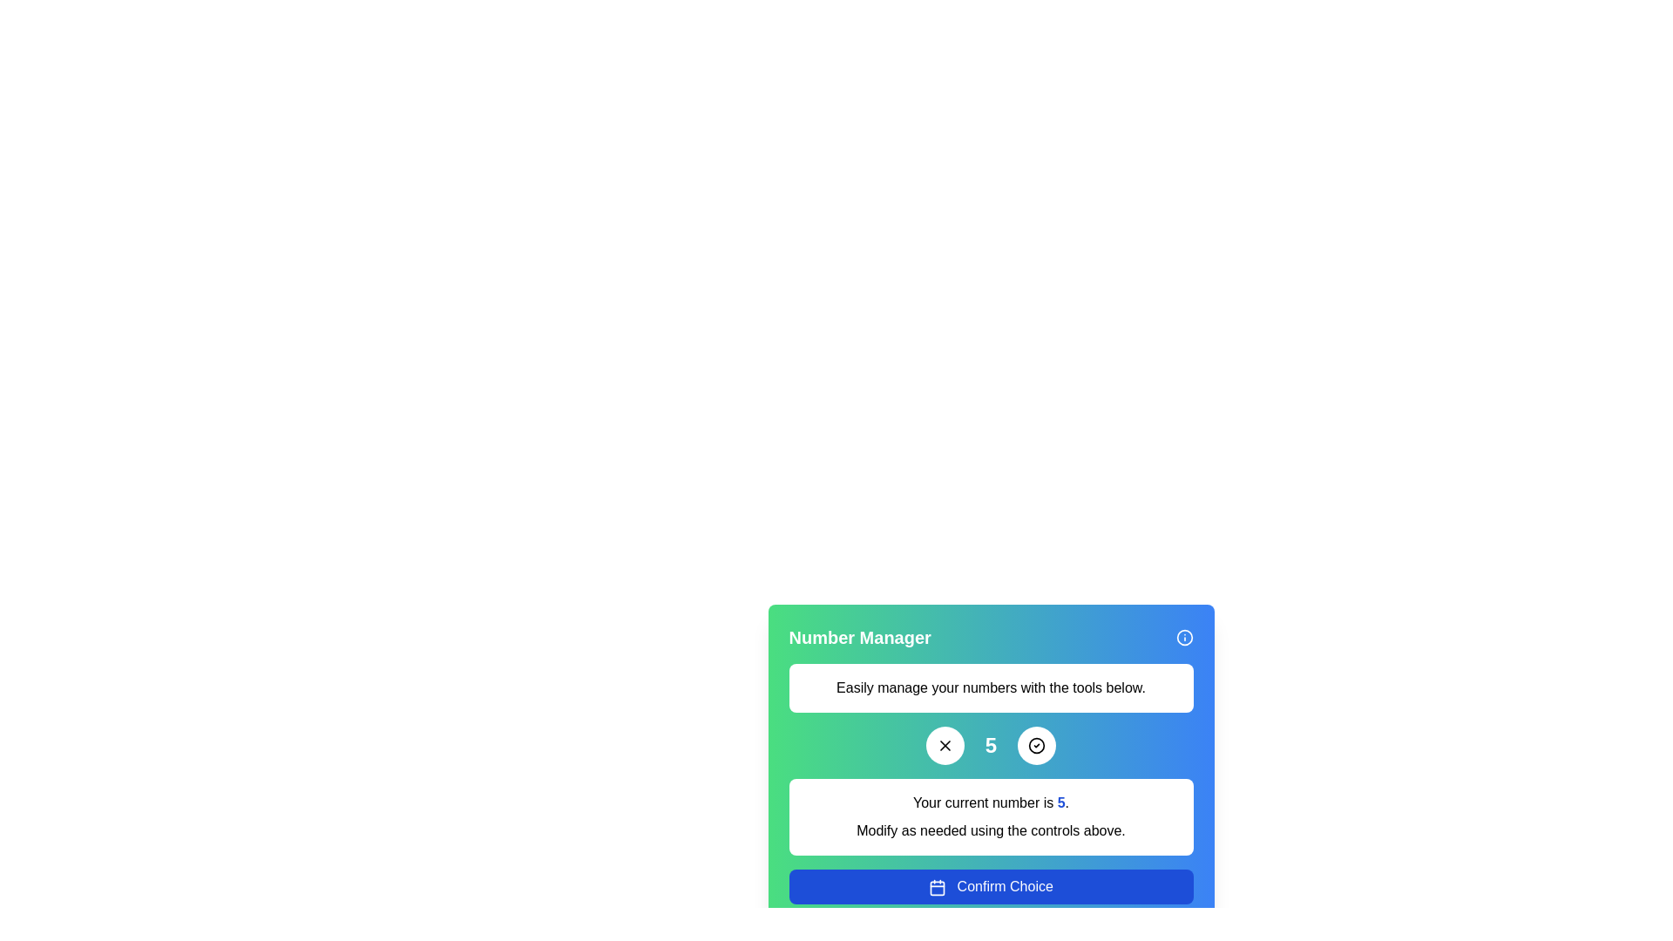 This screenshot has height=941, width=1673. What do you see at coordinates (944, 745) in the screenshot?
I see `the decrement button located to the left of the number '5' in the number manager interface` at bounding box center [944, 745].